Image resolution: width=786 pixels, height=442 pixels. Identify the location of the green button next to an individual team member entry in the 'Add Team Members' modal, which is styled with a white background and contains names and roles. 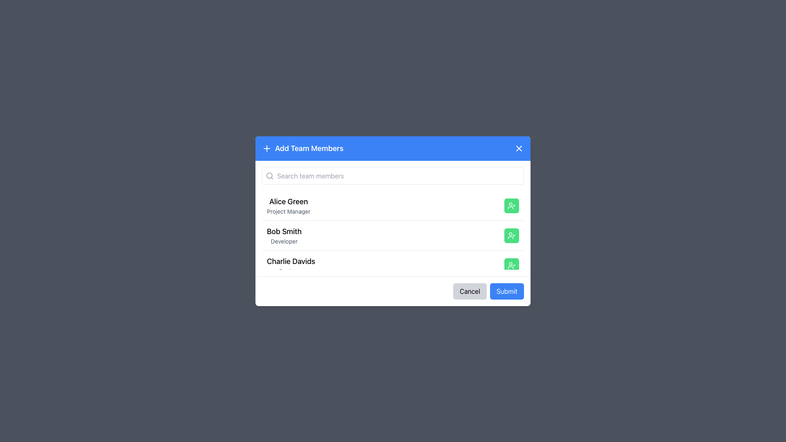
(393, 217).